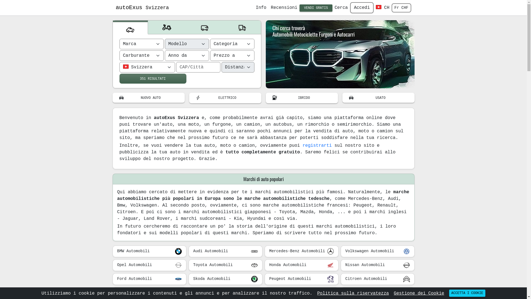 The width and height of the screenshot is (531, 299). Describe the element at coordinates (401, 8) in the screenshot. I see `'Fr CHF'` at that location.